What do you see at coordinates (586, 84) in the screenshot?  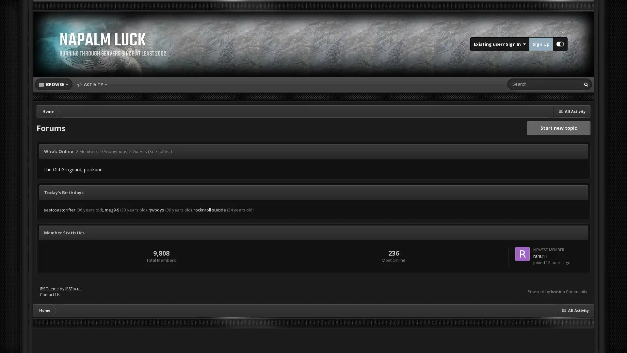 I see `Search` at bounding box center [586, 84].